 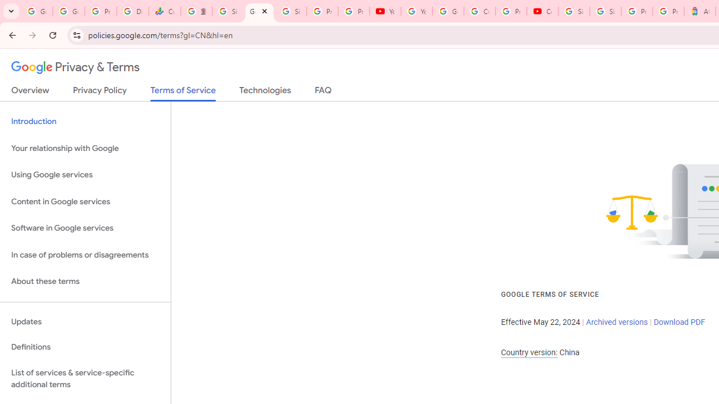 What do you see at coordinates (529, 352) in the screenshot?
I see `'Country version:'` at bounding box center [529, 352].